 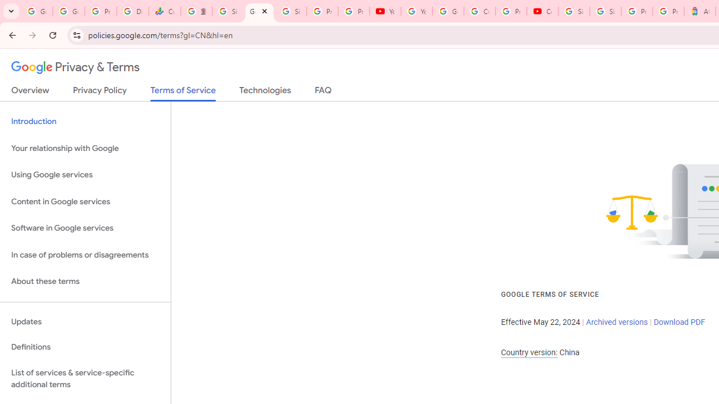 What do you see at coordinates (529, 352) in the screenshot?
I see `'Country version:'` at bounding box center [529, 352].